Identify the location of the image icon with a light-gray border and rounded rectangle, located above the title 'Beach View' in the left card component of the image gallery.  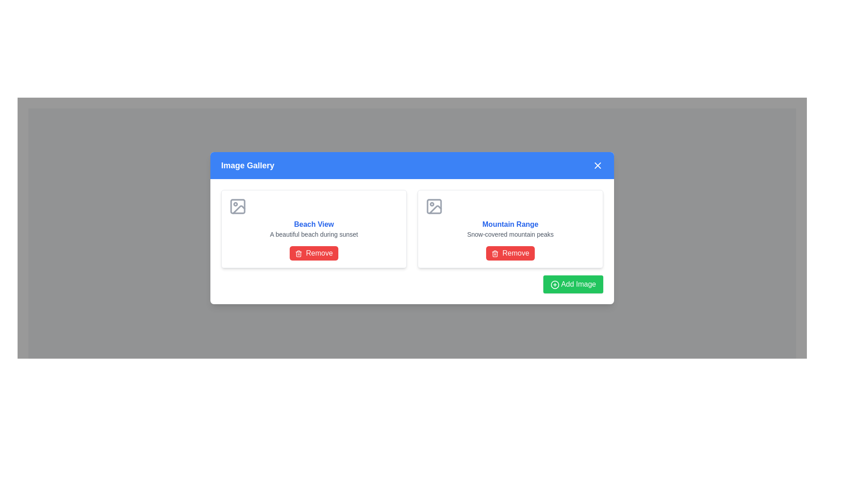
(238, 207).